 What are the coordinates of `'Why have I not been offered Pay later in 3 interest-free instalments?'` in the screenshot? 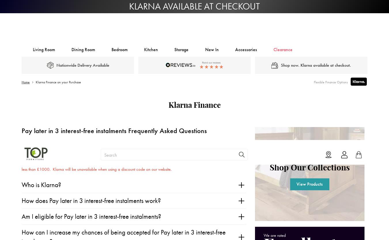 It's located at (107, 144).